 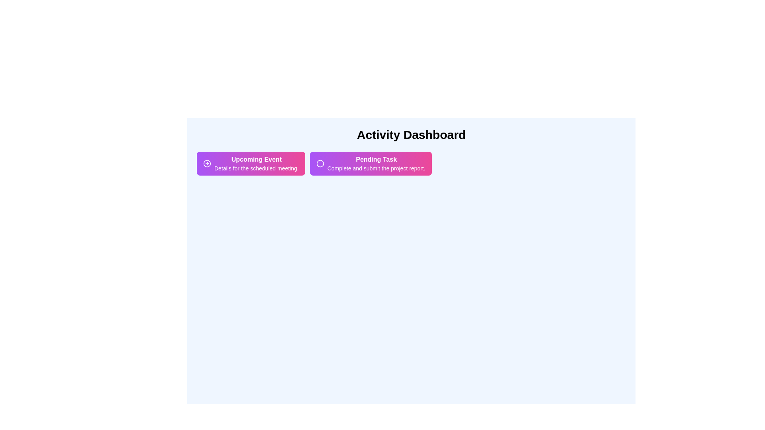 What do you see at coordinates (370, 163) in the screenshot?
I see `the activity chip labeled Pending Task` at bounding box center [370, 163].